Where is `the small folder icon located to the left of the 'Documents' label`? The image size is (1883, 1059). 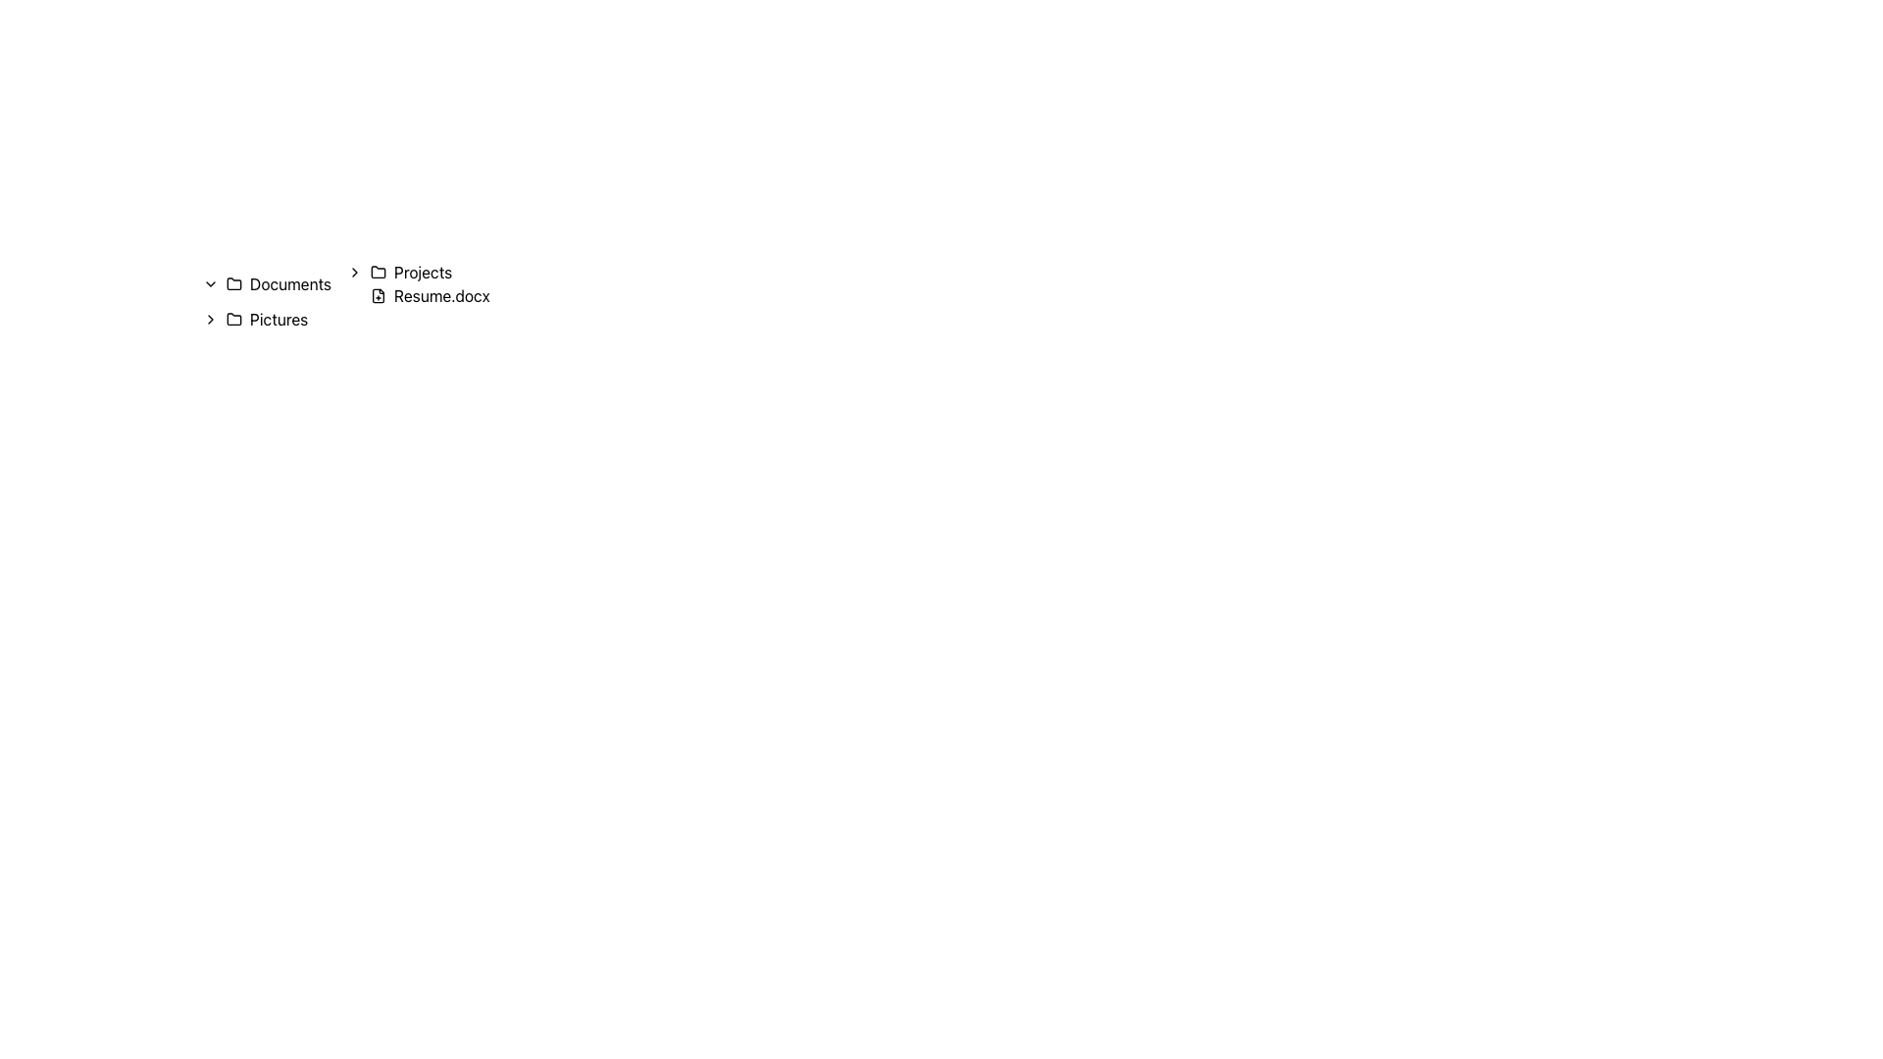
the small folder icon located to the left of the 'Documents' label is located at coordinates (234, 283).